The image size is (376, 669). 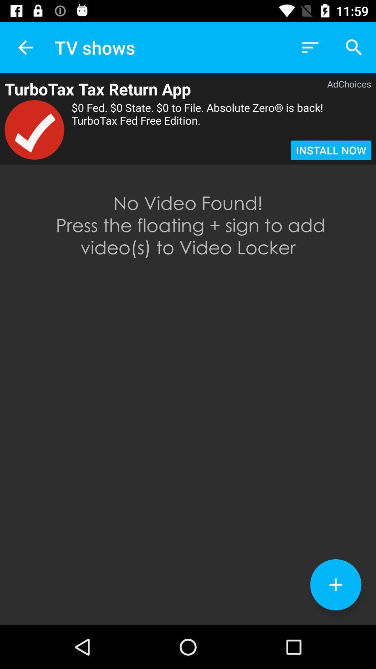 What do you see at coordinates (25, 47) in the screenshot?
I see `app to the left of the tv shows icon` at bounding box center [25, 47].